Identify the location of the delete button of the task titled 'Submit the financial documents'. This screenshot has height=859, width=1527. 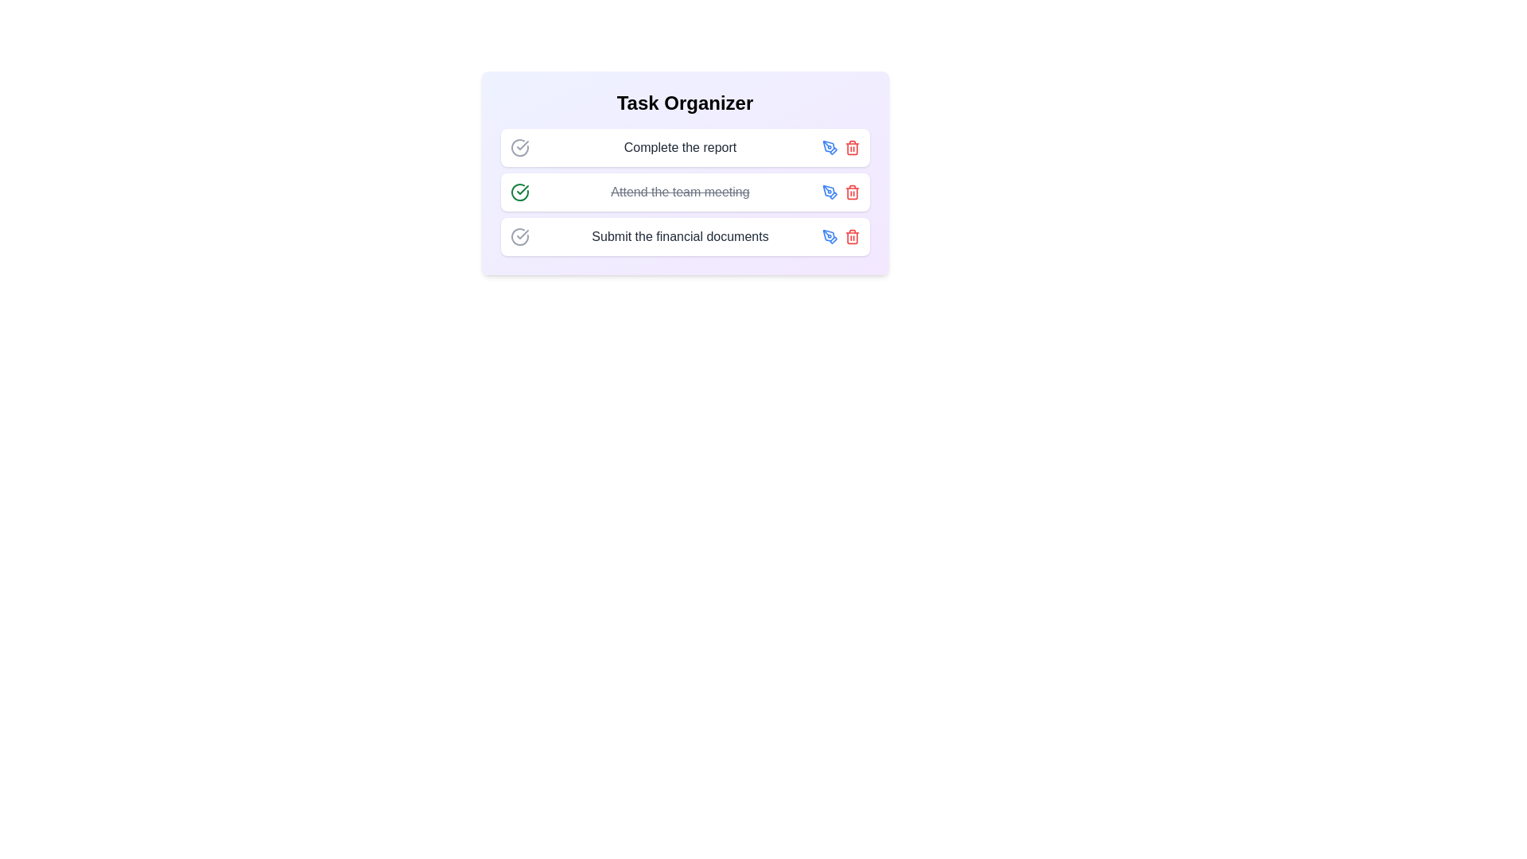
(851, 236).